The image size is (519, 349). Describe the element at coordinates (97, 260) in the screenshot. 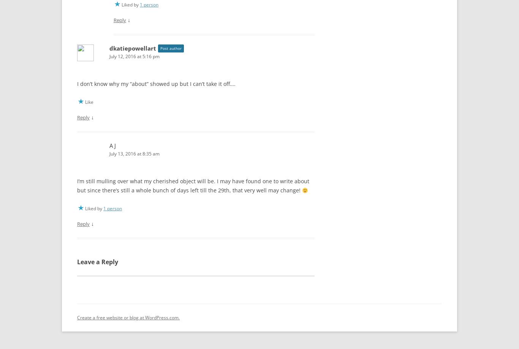

I see `'Leave a Reply'` at that location.